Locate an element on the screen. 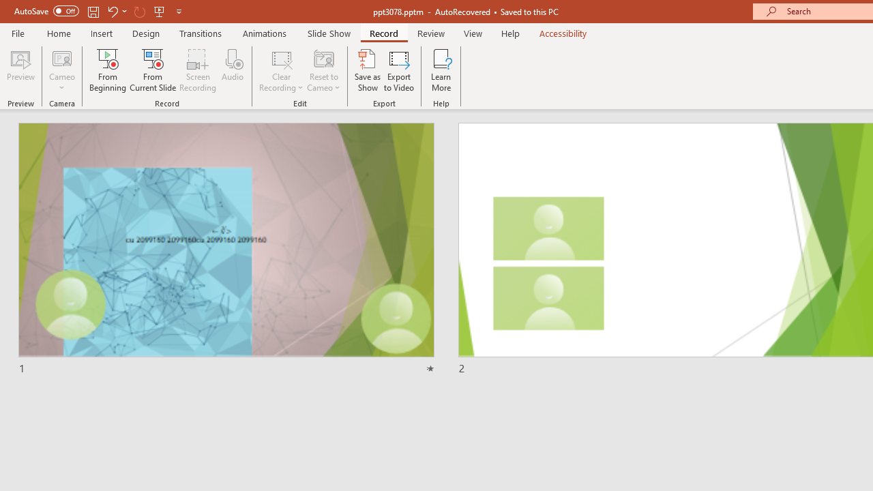 Image resolution: width=873 pixels, height=491 pixels. 'Save as Show' is located at coordinates (368, 70).